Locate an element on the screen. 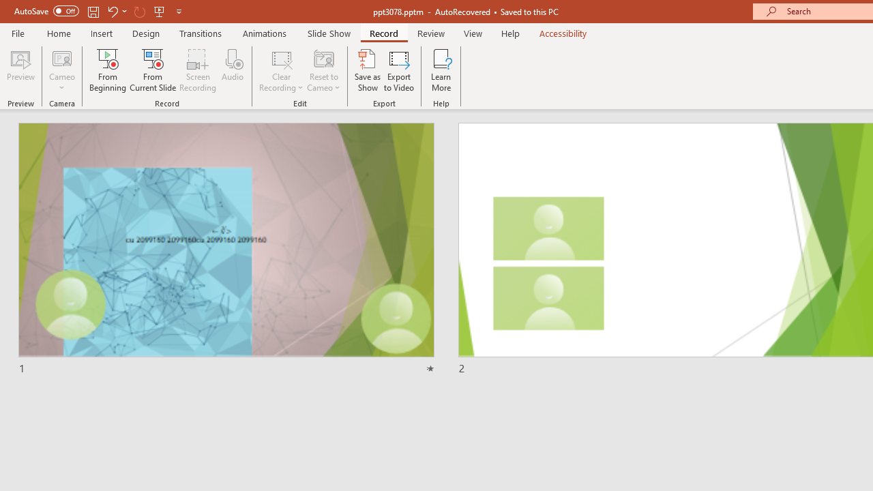 Image resolution: width=873 pixels, height=491 pixels. 'Save as Show' is located at coordinates (368, 70).